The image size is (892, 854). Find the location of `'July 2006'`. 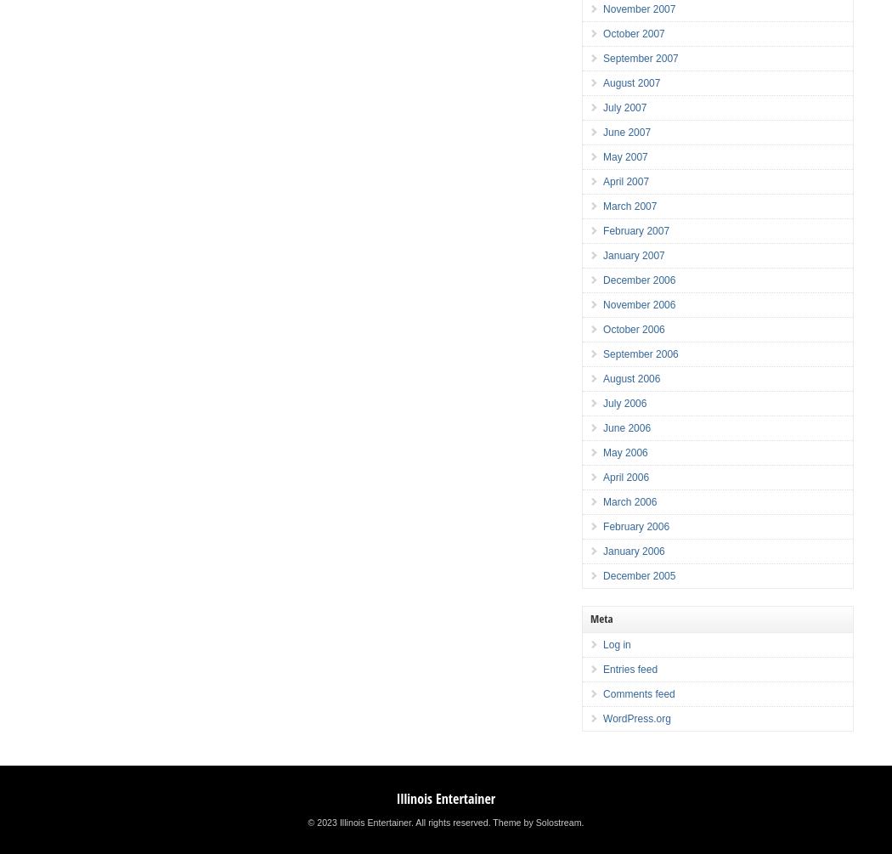

'July 2006' is located at coordinates (624, 403).